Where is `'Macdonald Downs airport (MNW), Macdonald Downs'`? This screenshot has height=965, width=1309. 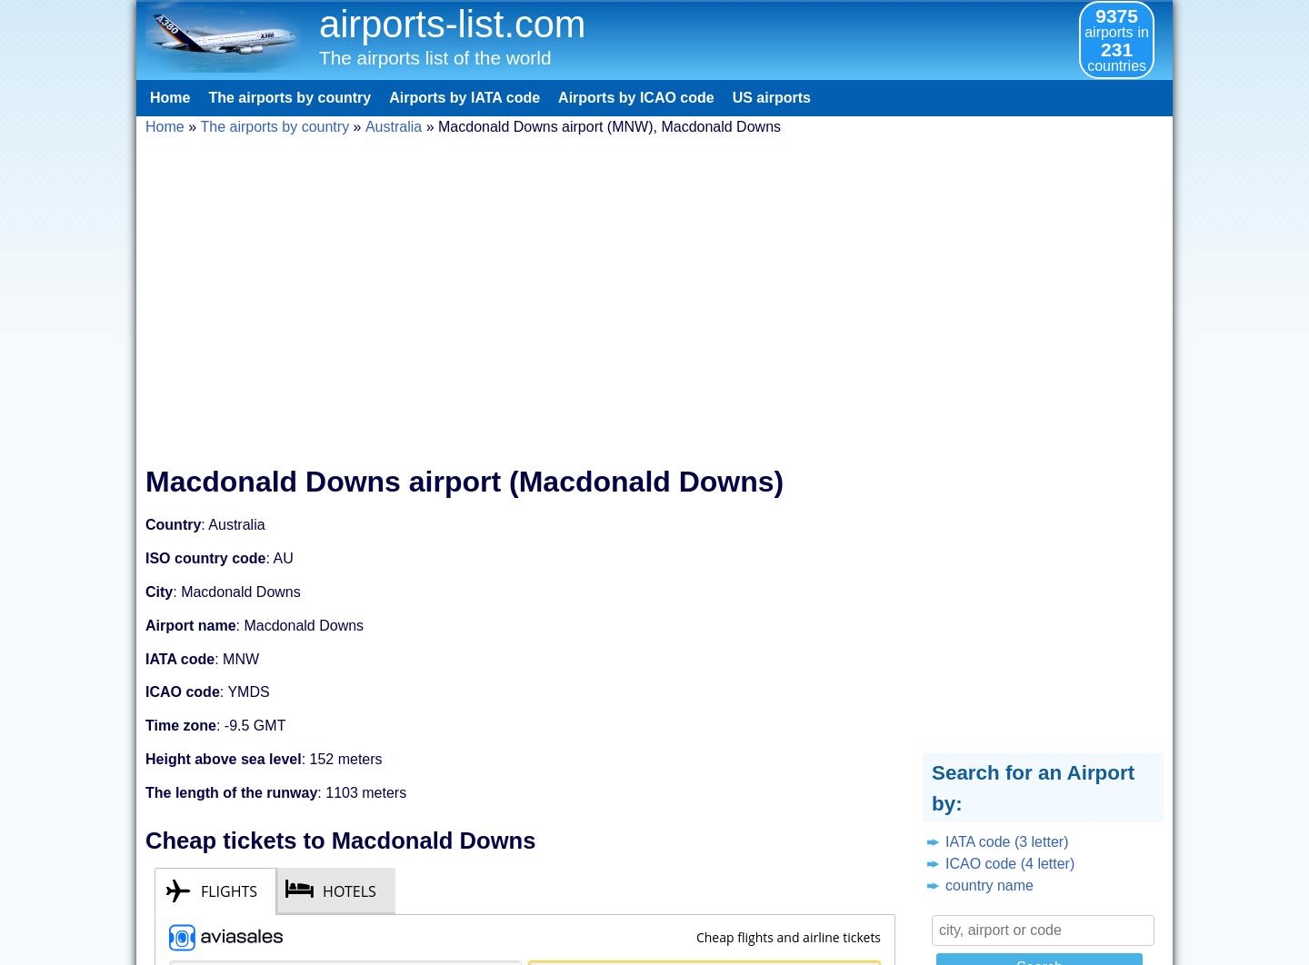 'Macdonald Downs airport (MNW), Macdonald Downs' is located at coordinates (609, 126).